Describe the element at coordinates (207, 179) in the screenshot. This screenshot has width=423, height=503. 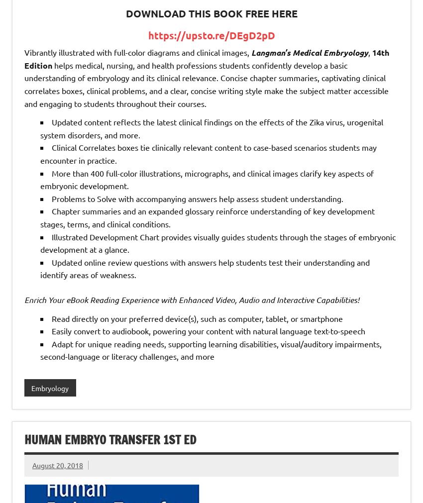
I see `'More than 400 full-color illustrations, micrographs, and clinical images clarify key aspects of embryonic development.'` at that location.